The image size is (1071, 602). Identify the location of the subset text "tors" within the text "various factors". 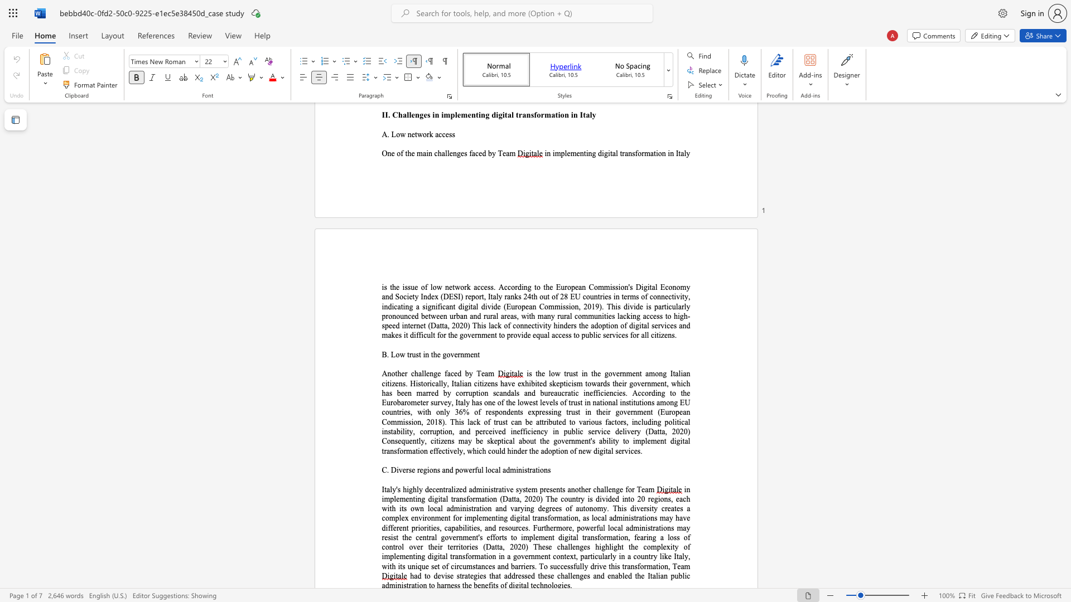
(614, 422).